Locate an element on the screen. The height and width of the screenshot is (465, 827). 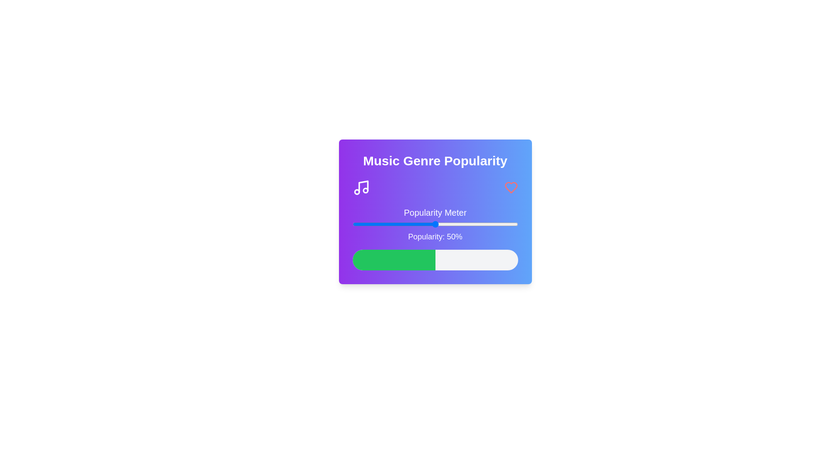
the text displaying the popularity percentage is located at coordinates (435, 237).